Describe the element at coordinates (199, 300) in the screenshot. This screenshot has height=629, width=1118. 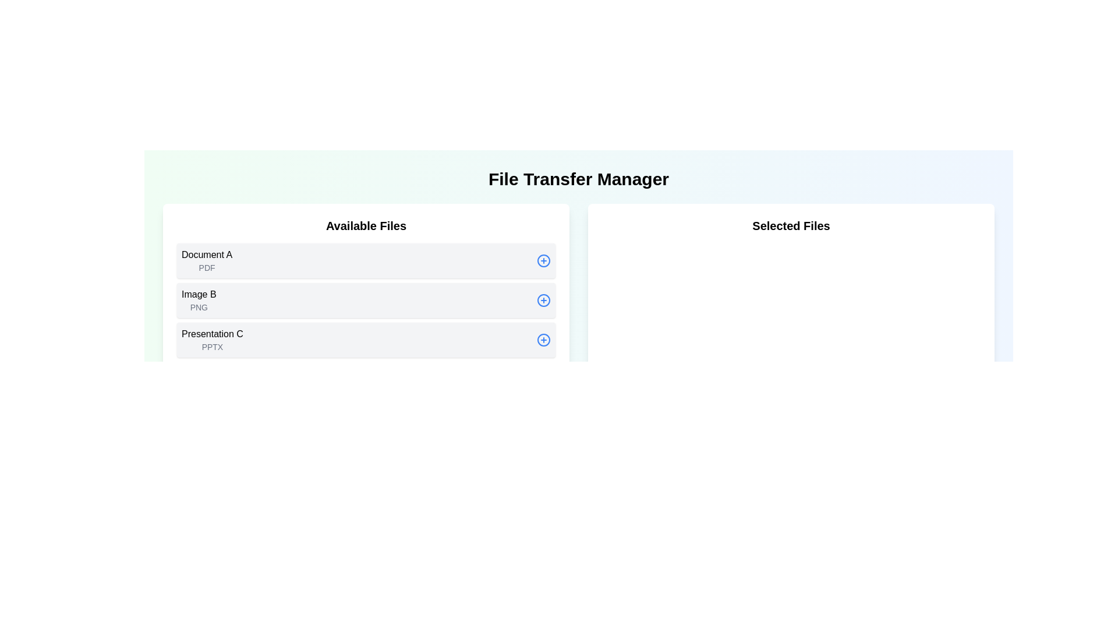
I see `the second list item in the 'Available Files' section, which displays the file name 'Image B' of type 'PNG'` at that location.